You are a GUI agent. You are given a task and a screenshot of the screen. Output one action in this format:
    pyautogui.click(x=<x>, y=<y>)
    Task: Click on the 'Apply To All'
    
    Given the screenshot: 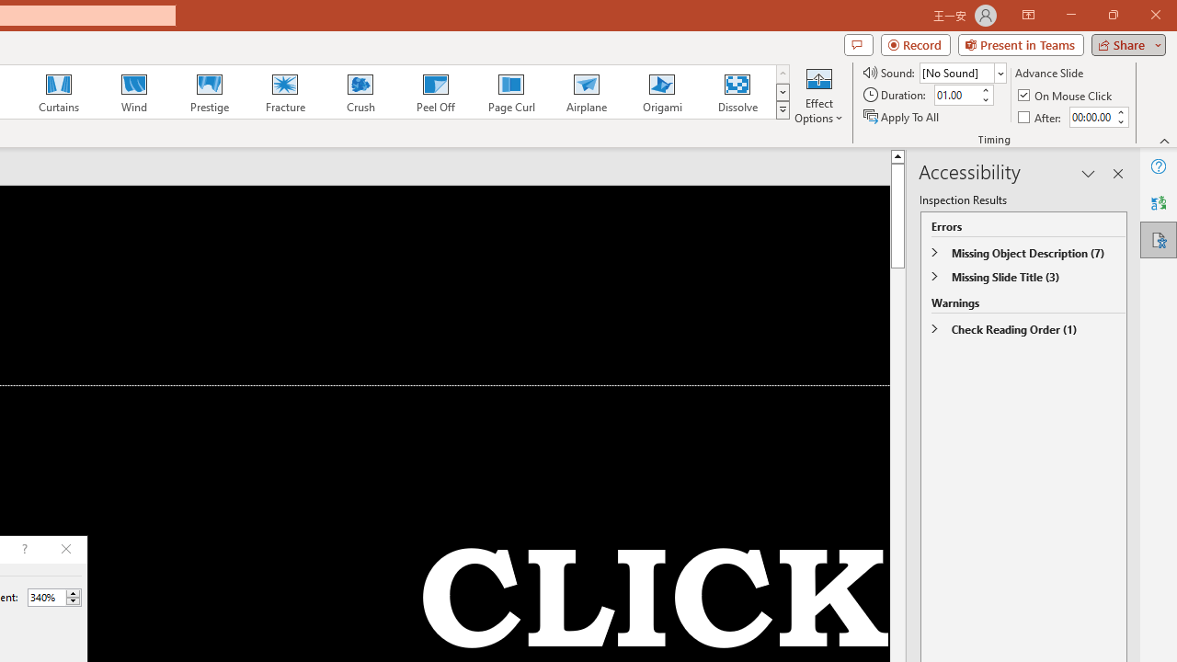 What is the action you would take?
    pyautogui.click(x=902, y=117)
    